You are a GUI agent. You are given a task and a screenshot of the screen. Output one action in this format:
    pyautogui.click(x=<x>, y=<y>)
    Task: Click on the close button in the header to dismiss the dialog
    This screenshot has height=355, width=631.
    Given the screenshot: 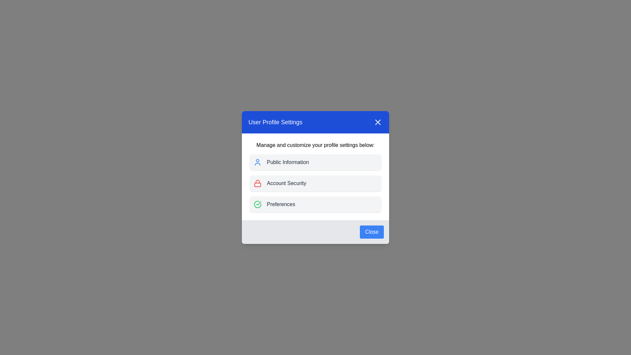 What is the action you would take?
    pyautogui.click(x=378, y=122)
    